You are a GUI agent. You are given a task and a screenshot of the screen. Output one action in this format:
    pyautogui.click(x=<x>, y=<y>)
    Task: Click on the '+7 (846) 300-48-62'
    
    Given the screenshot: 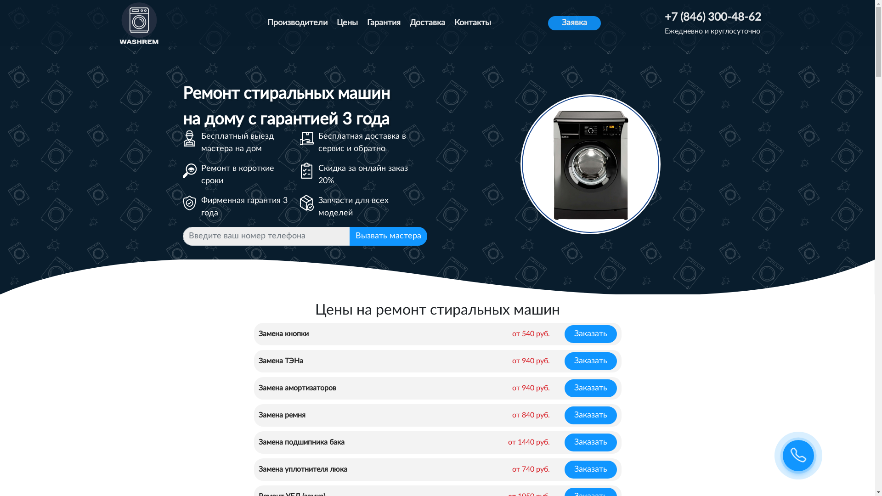 What is the action you would take?
    pyautogui.click(x=712, y=17)
    